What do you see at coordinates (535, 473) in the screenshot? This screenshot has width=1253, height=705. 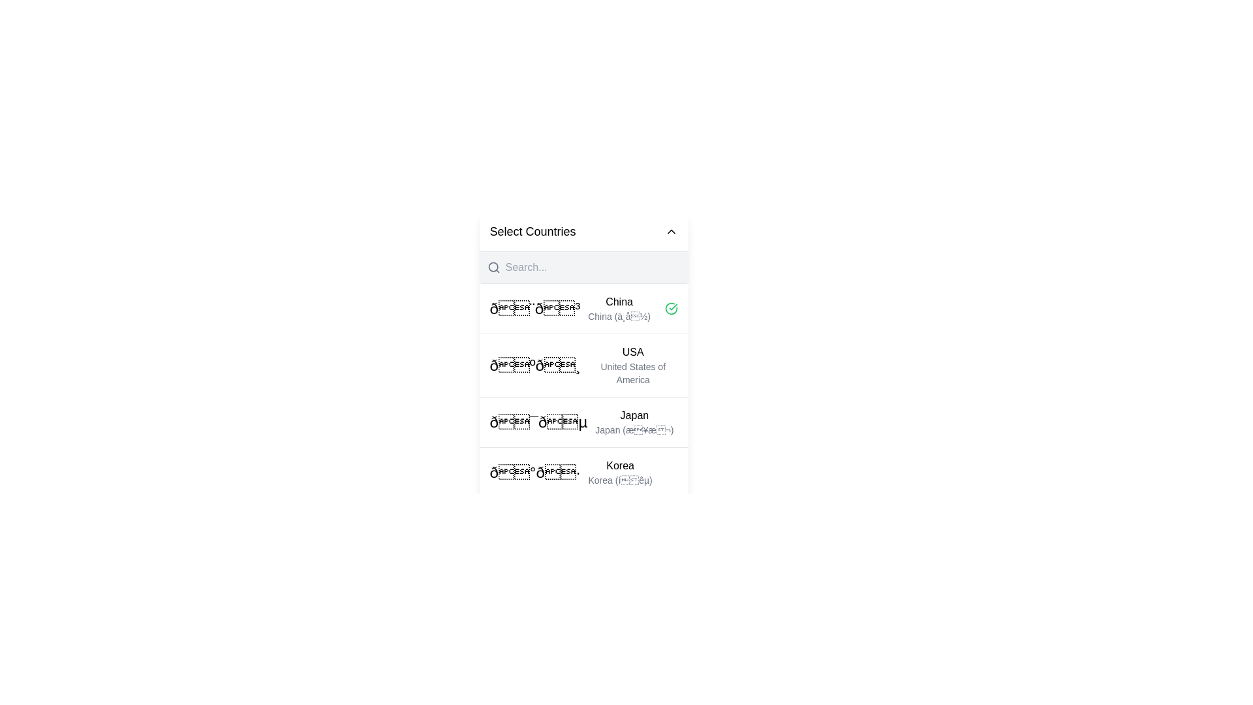 I see `the Decorative flag icon (emoji) that appears at the start of the fourth list item, next to the text information about Korea` at bounding box center [535, 473].